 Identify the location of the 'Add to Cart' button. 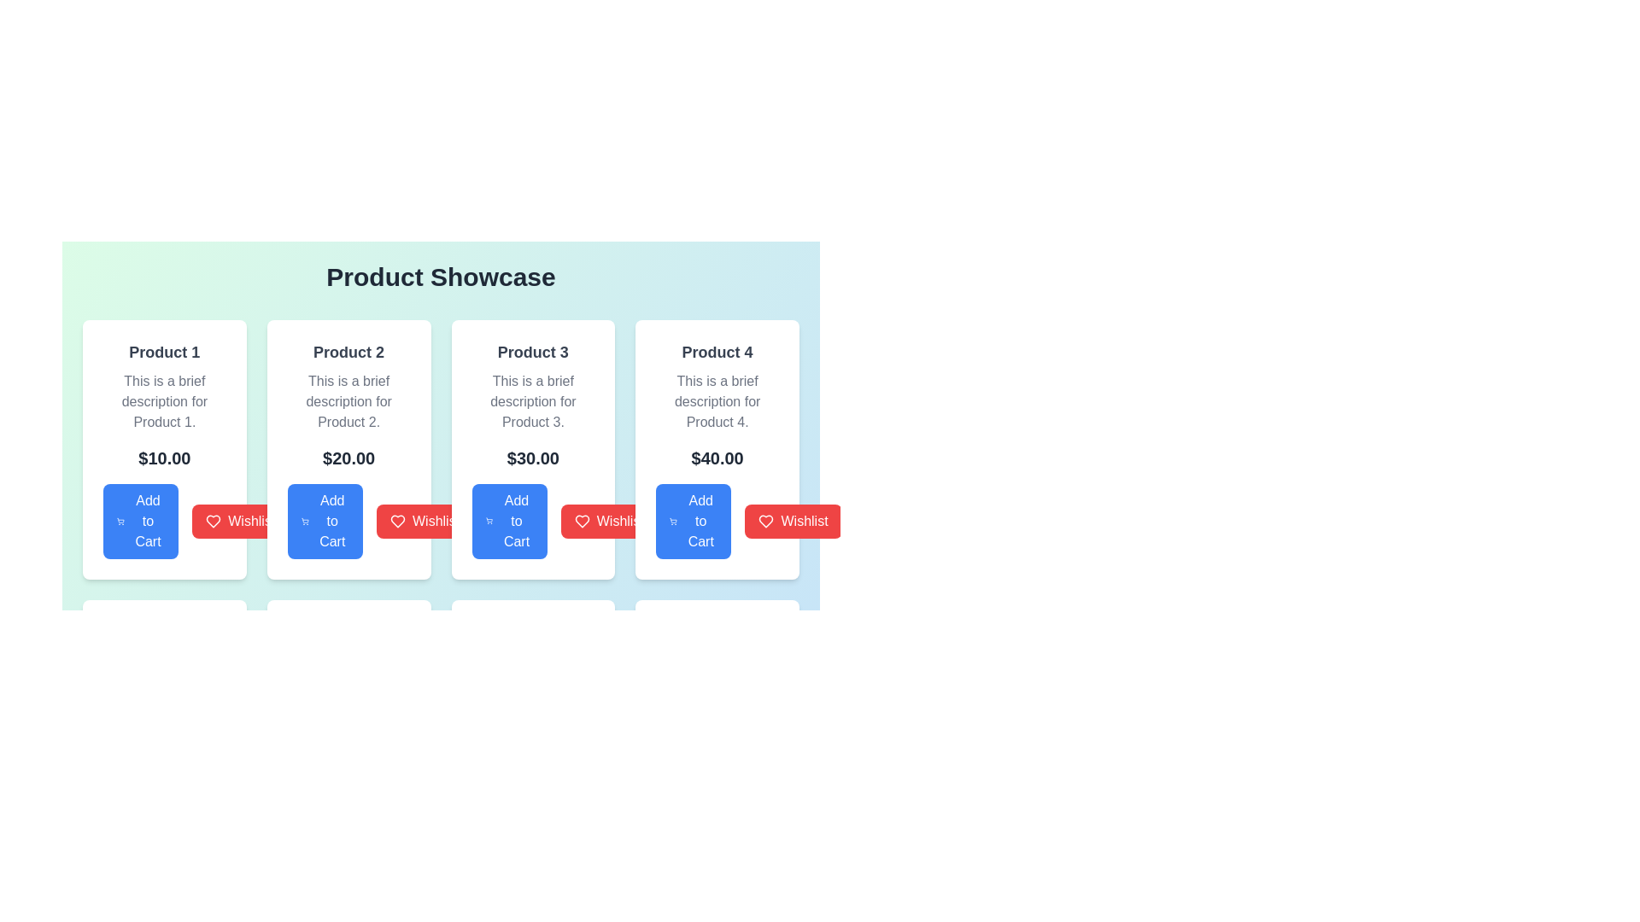
(164, 520).